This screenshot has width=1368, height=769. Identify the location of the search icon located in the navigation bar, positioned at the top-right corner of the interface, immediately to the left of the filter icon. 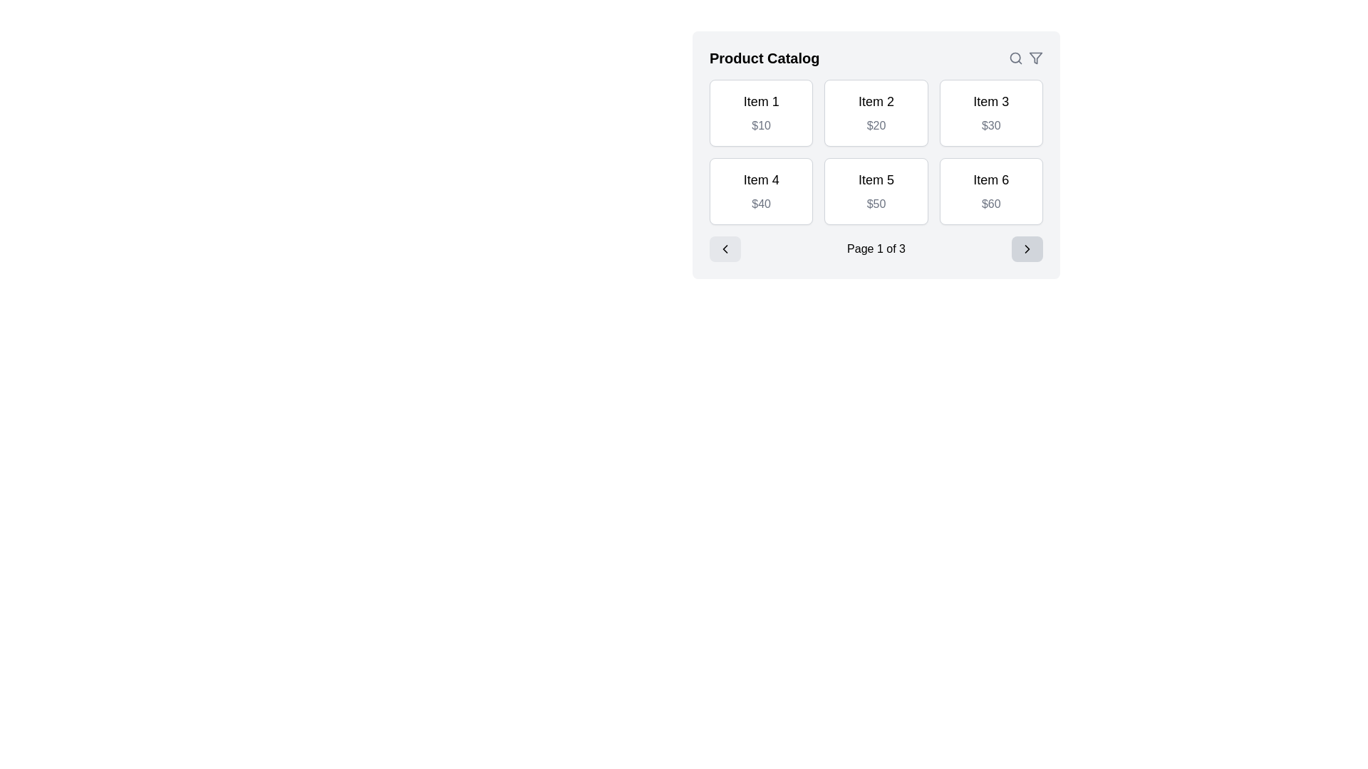
(1015, 57).